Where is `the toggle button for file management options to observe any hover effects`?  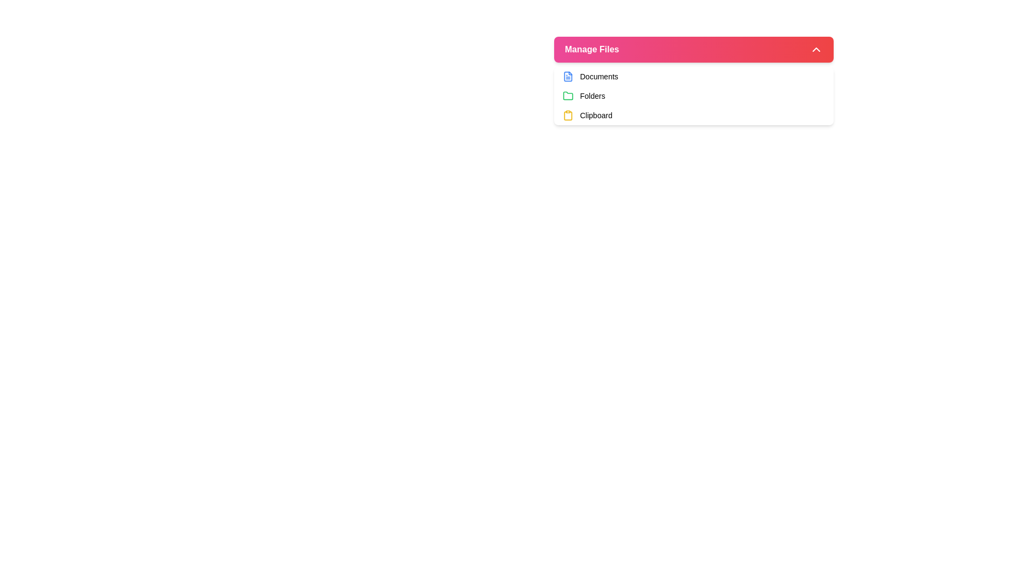
the toggle button for file management options to observe any hover effects is located at coordinates (694, 50).